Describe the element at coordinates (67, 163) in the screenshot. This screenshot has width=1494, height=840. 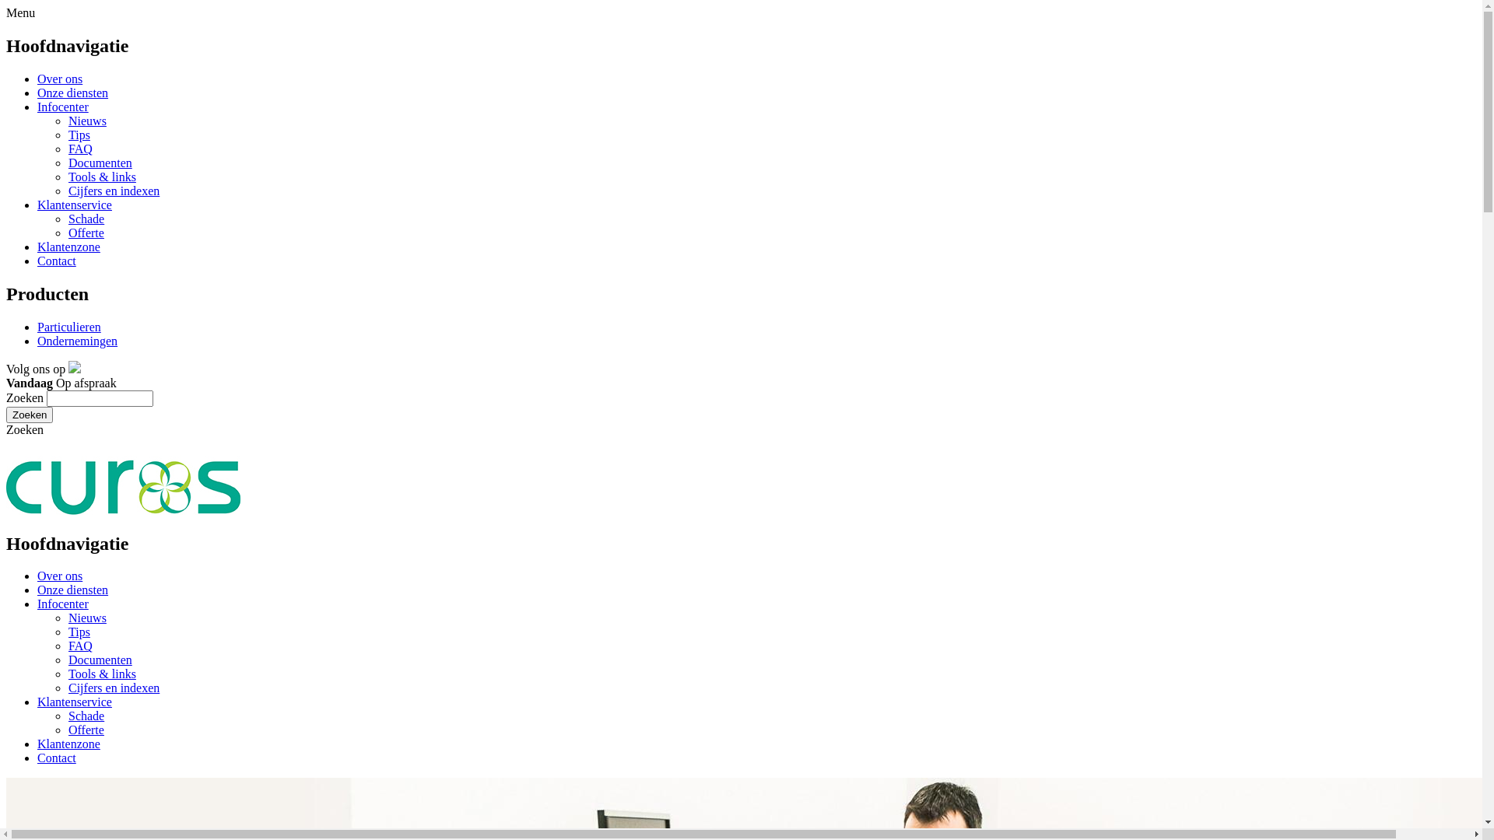
I see `'Documenten'` at that location.